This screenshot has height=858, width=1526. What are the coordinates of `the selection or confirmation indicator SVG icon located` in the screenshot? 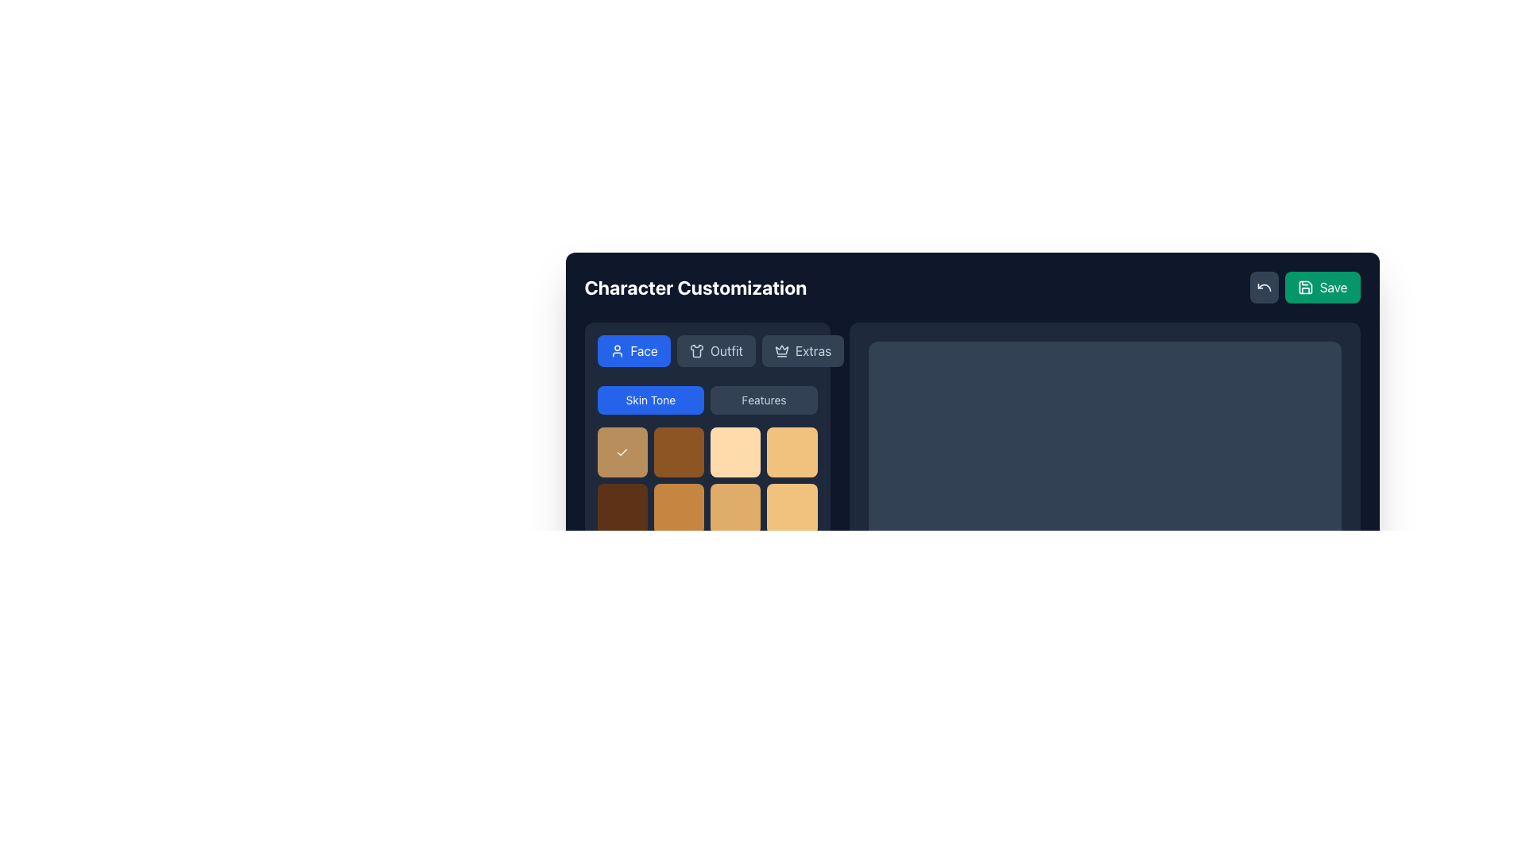 It's located at (622, 452).